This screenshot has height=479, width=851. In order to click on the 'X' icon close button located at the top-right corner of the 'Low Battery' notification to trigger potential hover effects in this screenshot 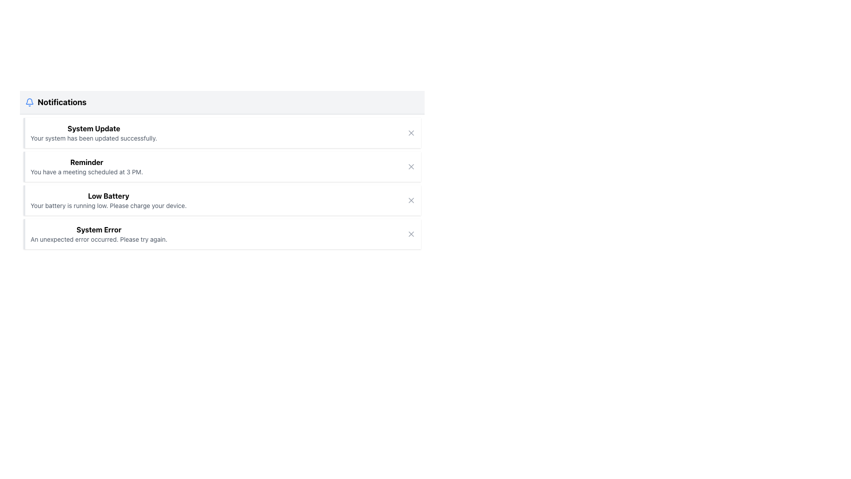, I will do `click(410, 200)`.